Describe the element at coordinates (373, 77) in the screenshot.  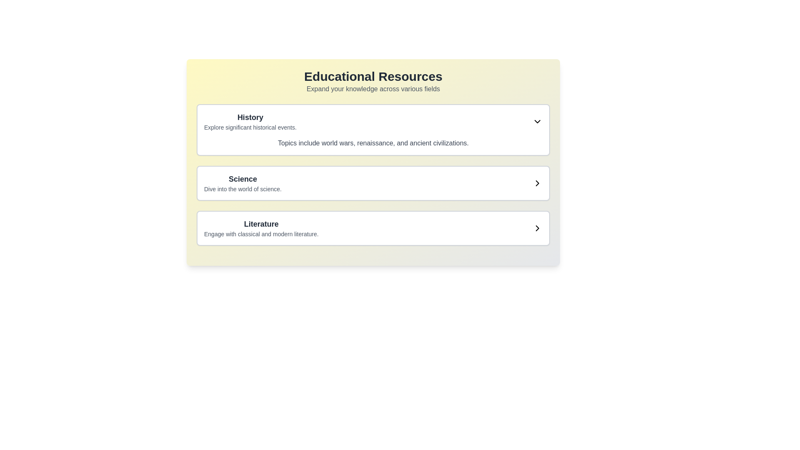
I see `the bold, large gray text reading 'Educational Resources' located at the top section of the interface, which stands out prominently against a light yellow background` at that location.